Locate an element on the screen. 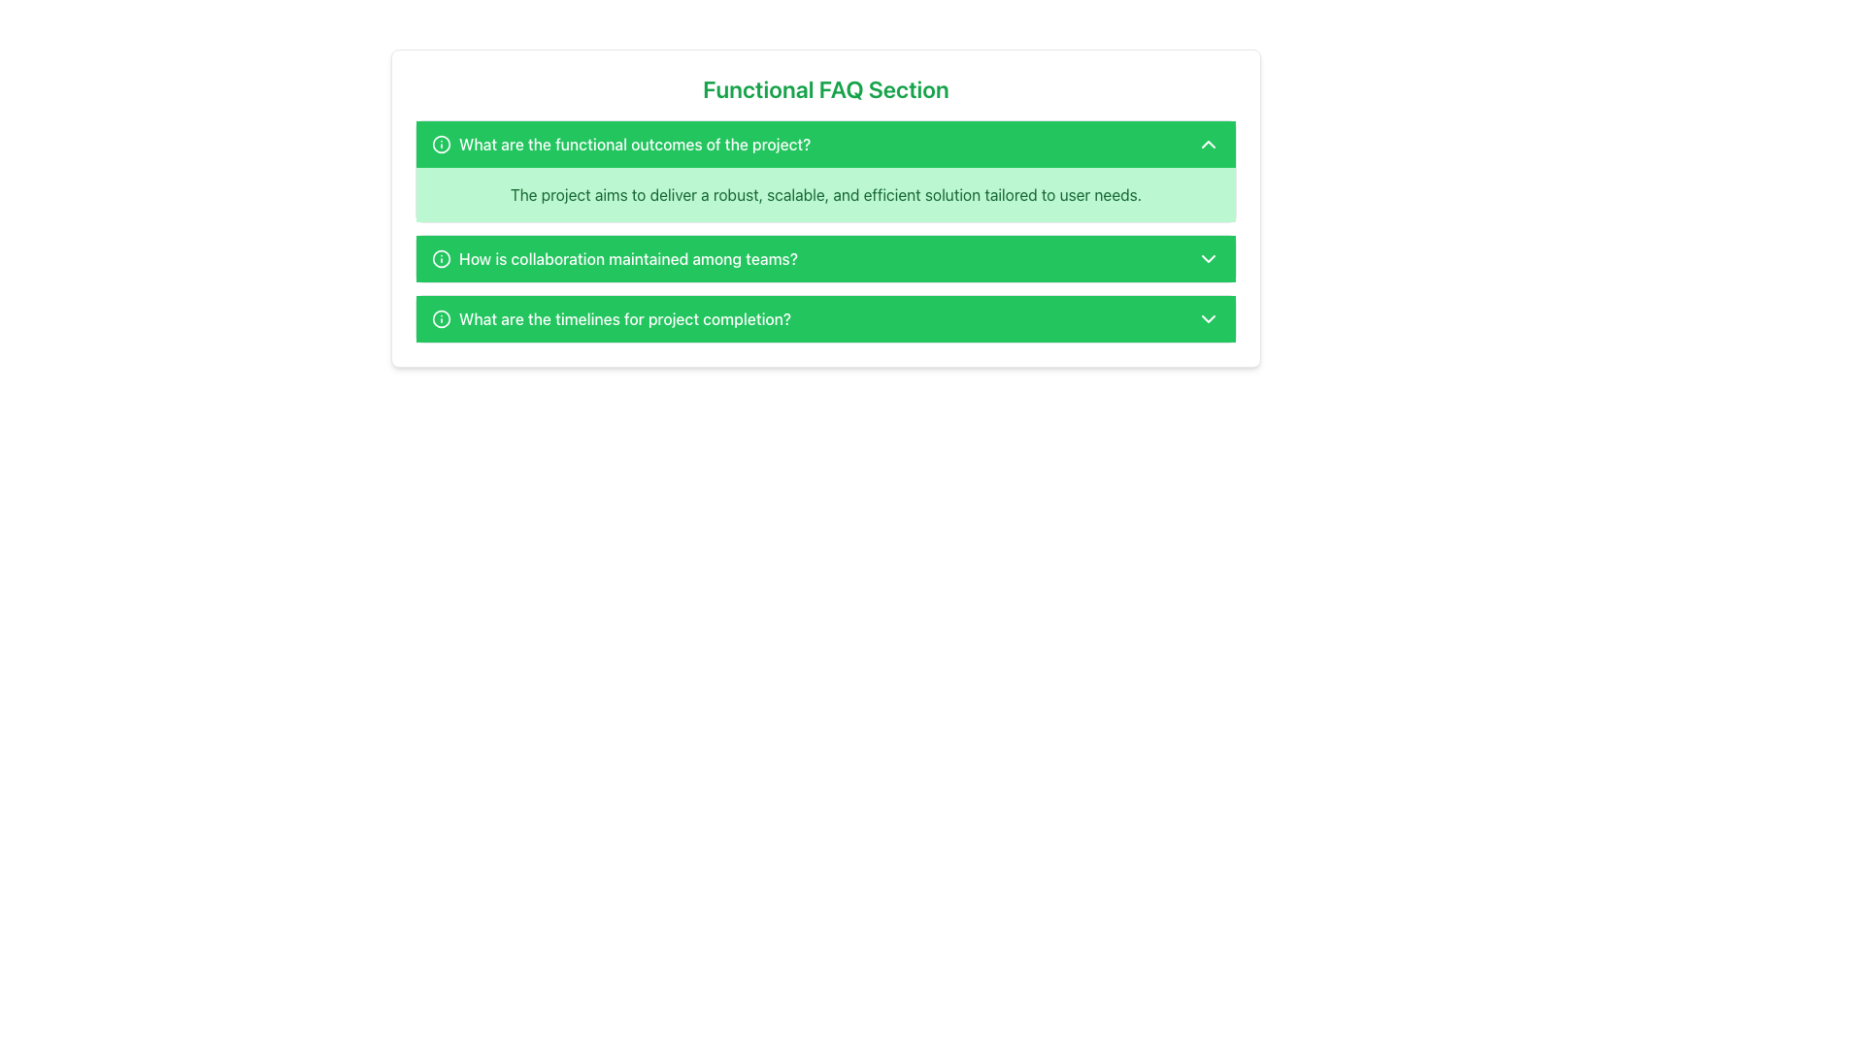 The image size is (1864, 1048). header text element styled in green with bold and large font, reading 'Functional FAQ Section', located at the top of the FAQ section is located at coordinates (825, 89).